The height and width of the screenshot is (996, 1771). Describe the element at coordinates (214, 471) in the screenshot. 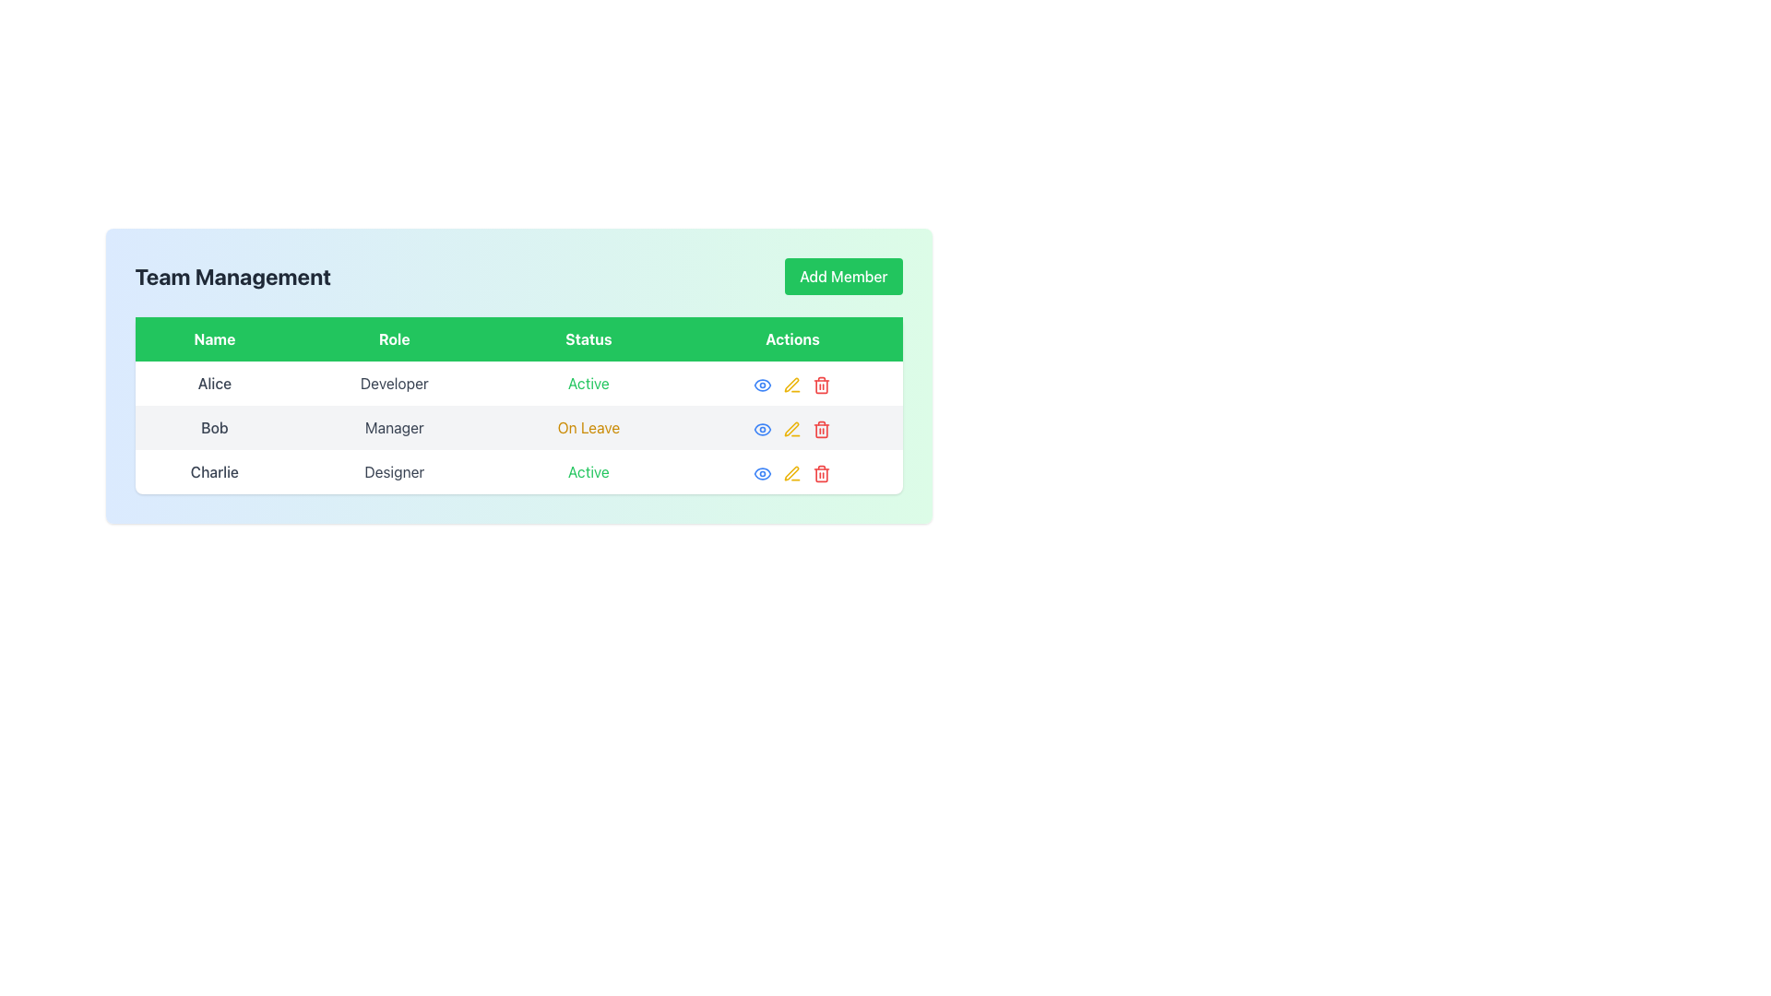

I see `text label that identifies the user as 'Charlie' in the third row of the table under the 'Name' column` at that location.